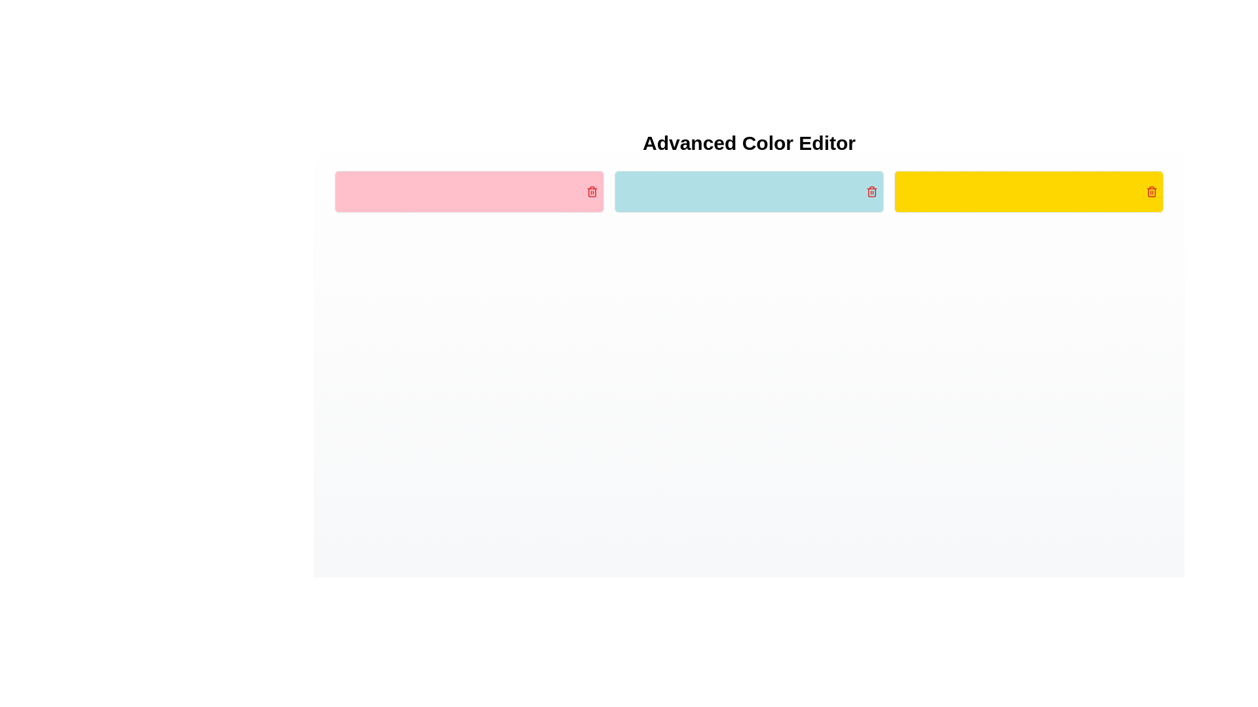 This screenshot has height=707, width=1258. I want to click on the deletion button located at the far-right side of a pink-colored section within a horizontally aligned row, so click(591, 192).